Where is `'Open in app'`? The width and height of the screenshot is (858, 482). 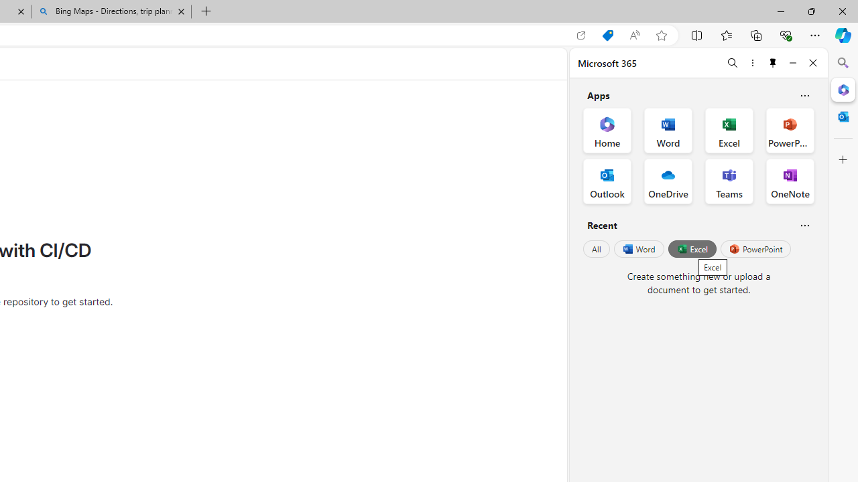 'Open in app' is located at coordinates (581, 35).